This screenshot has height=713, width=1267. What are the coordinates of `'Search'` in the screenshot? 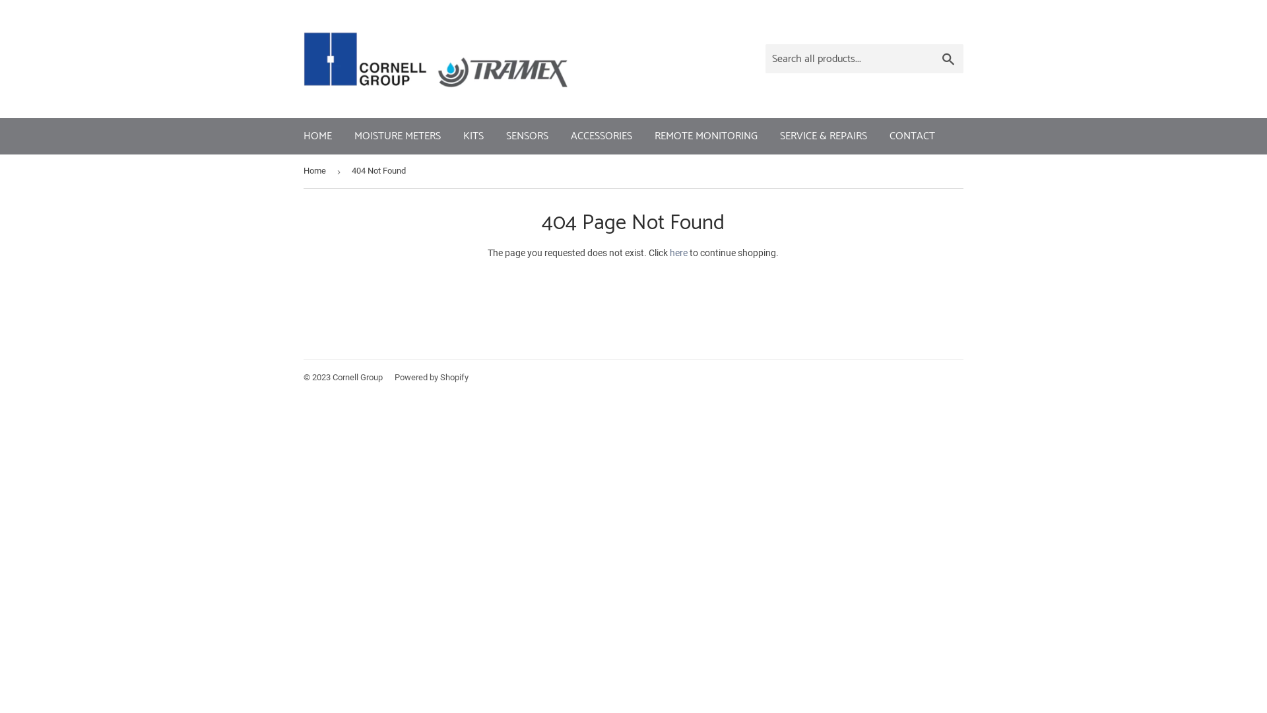 It's located at (948, 58).